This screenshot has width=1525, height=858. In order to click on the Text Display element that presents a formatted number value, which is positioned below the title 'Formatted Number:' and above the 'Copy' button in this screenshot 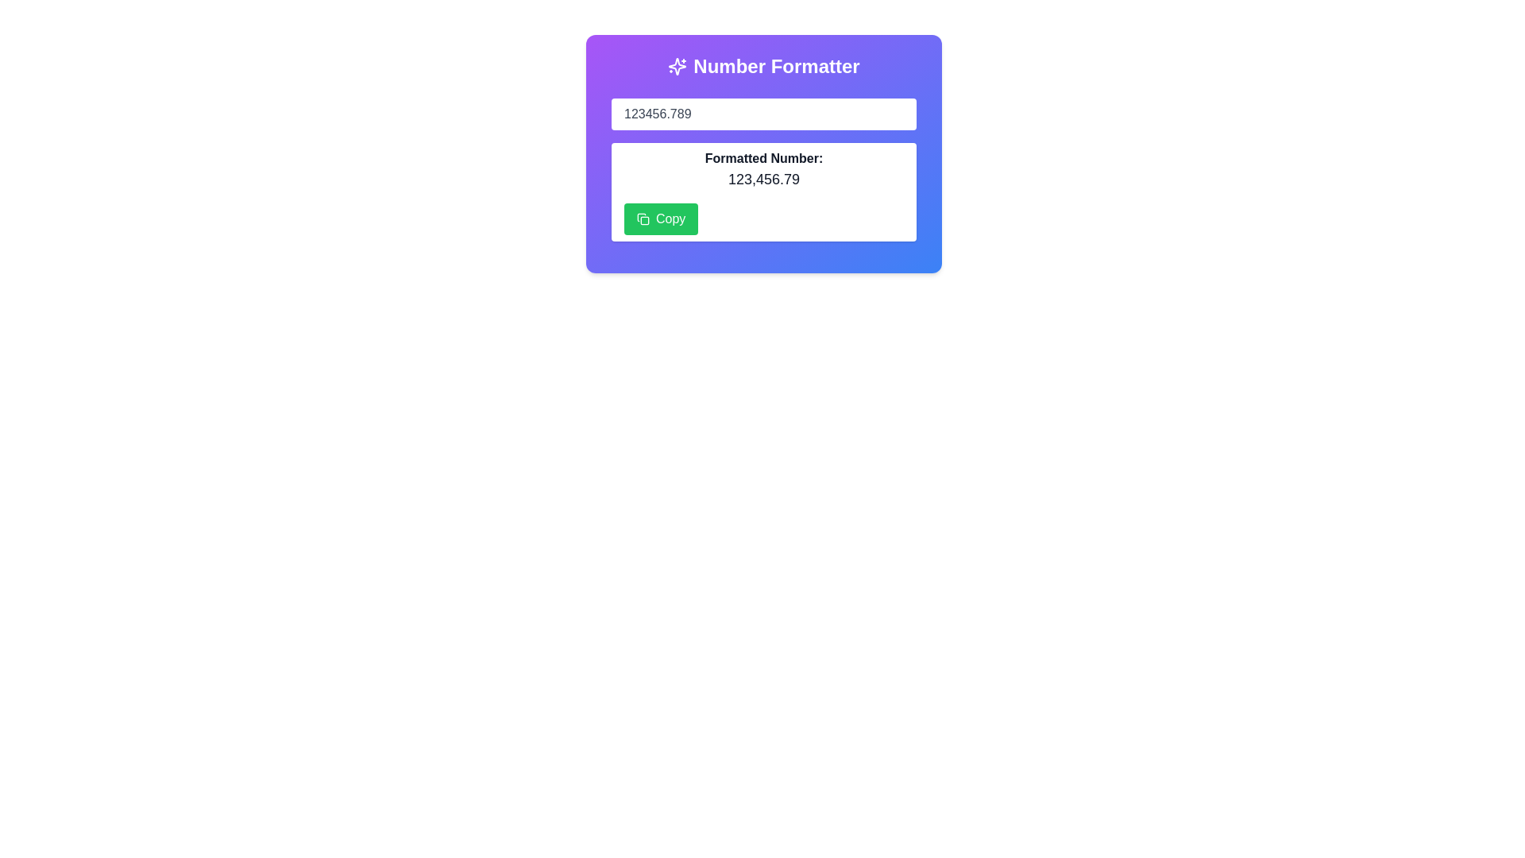, I will do `click(763, 179)`.